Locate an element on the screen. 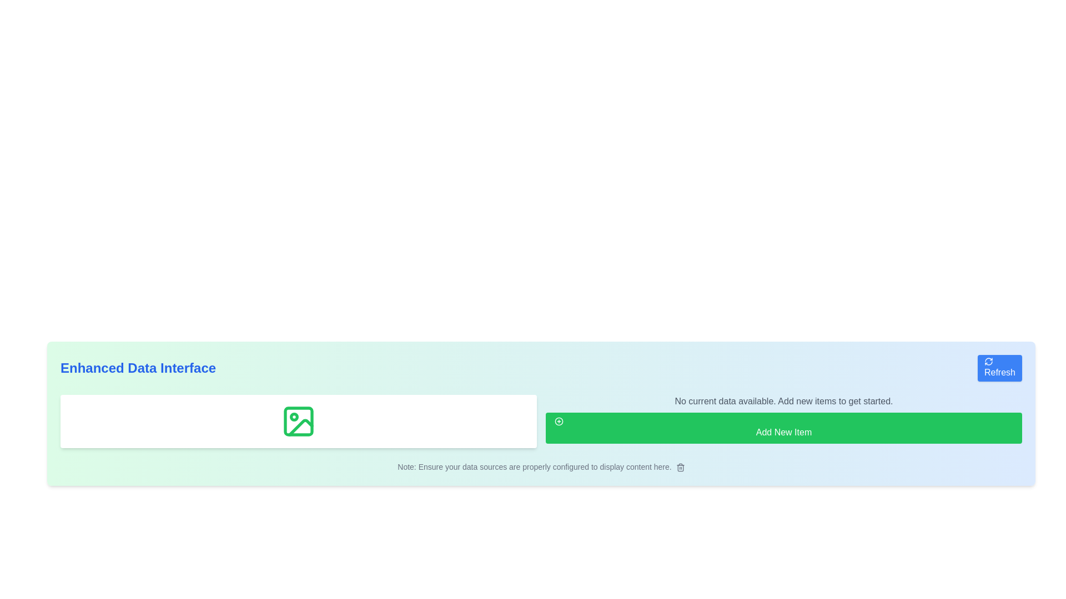 Image resolution: width=1066 pixels, height=599 pixels. the image upload icon, which is centrally located within a card-like structure with a white background and shadow styling is located at coordinates (298, 421).